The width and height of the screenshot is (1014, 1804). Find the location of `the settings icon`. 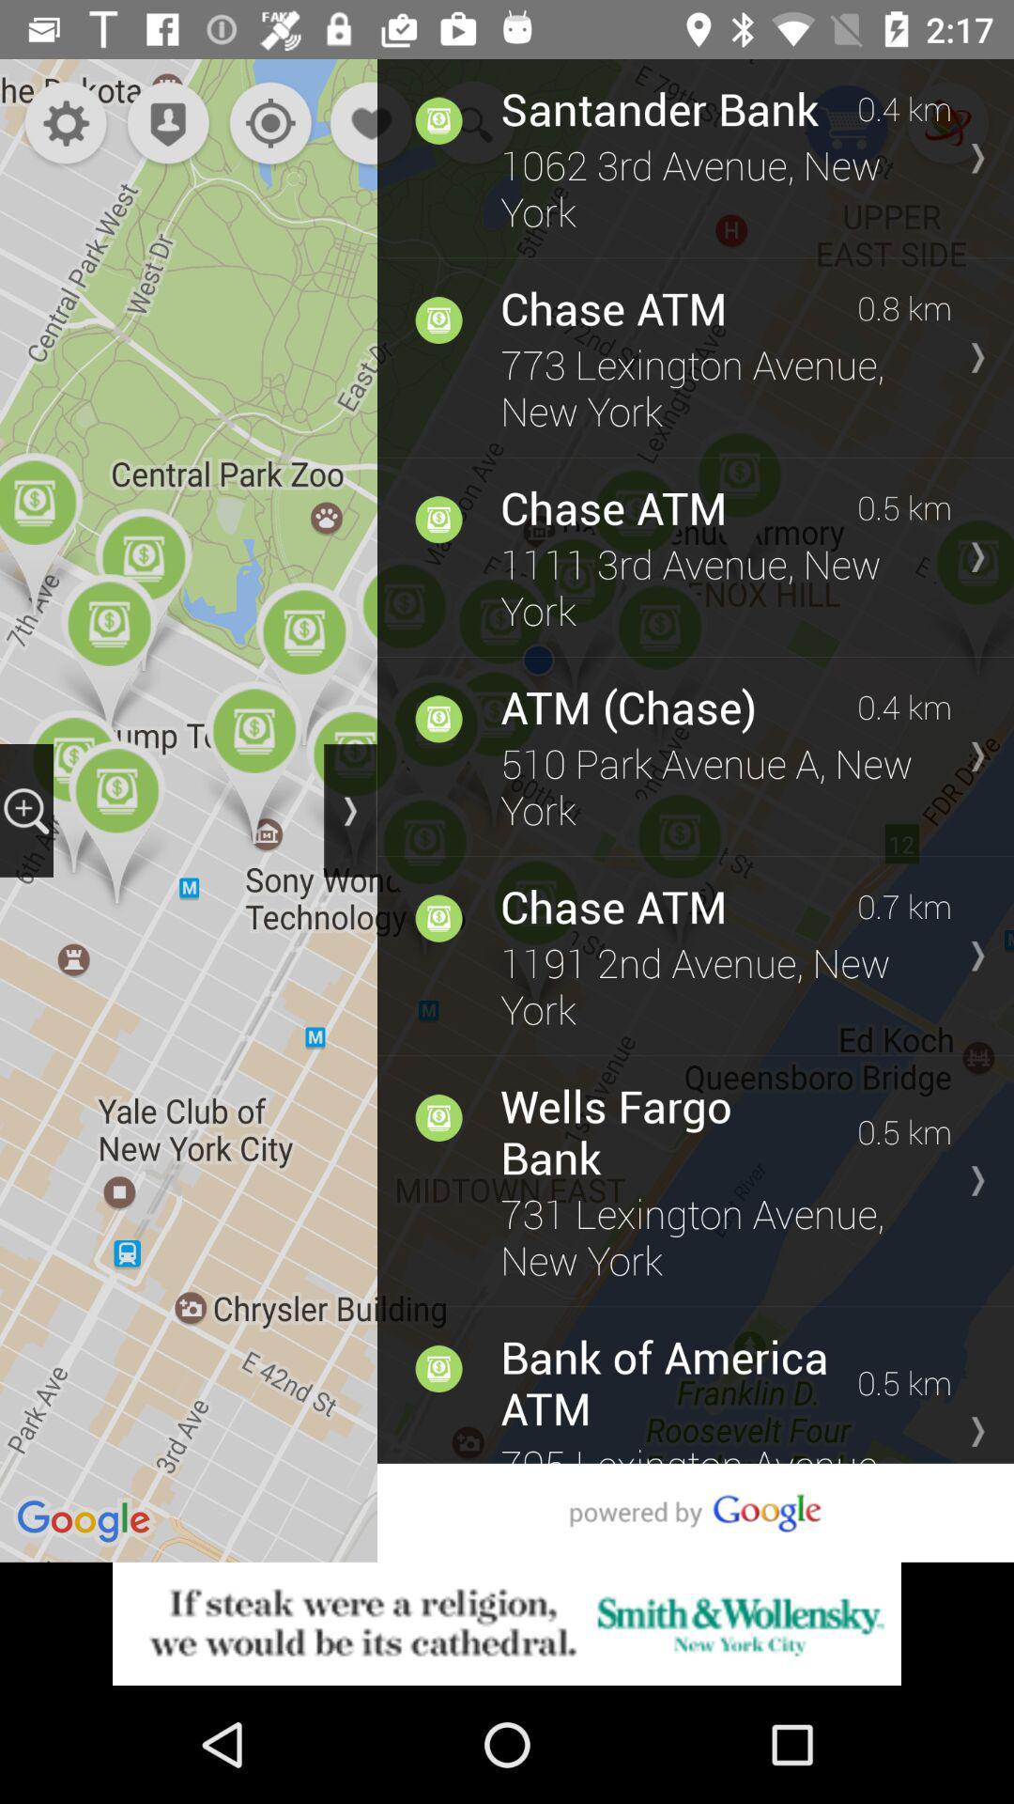

the settings icon is located at coordinates (65, 124).